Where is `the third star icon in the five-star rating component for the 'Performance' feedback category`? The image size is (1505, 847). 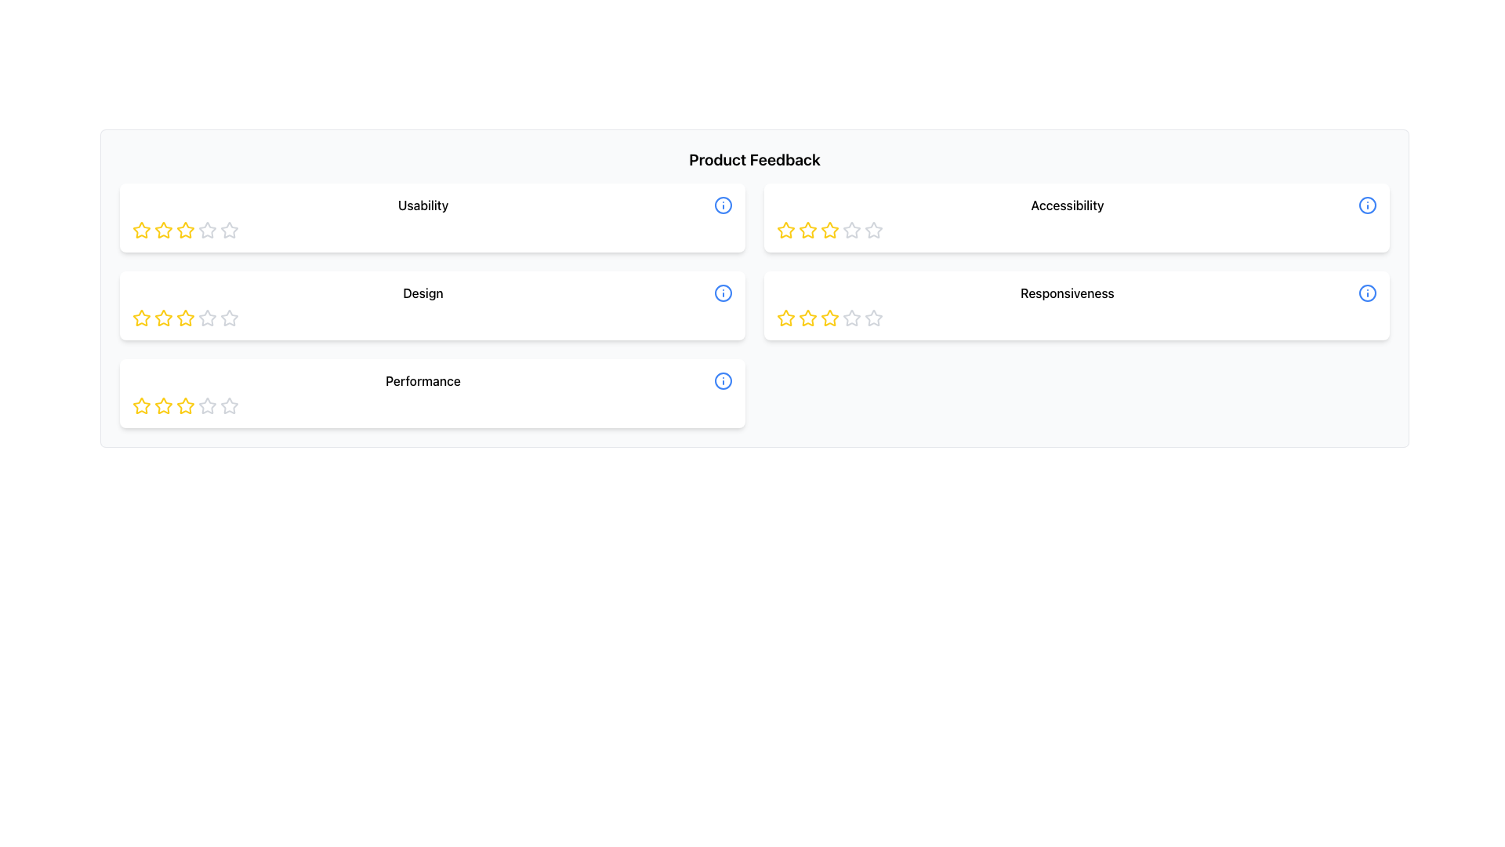 the third star icon in the five-star rating component for the 'Performance' feedback category is located at coordinates (206, 405).